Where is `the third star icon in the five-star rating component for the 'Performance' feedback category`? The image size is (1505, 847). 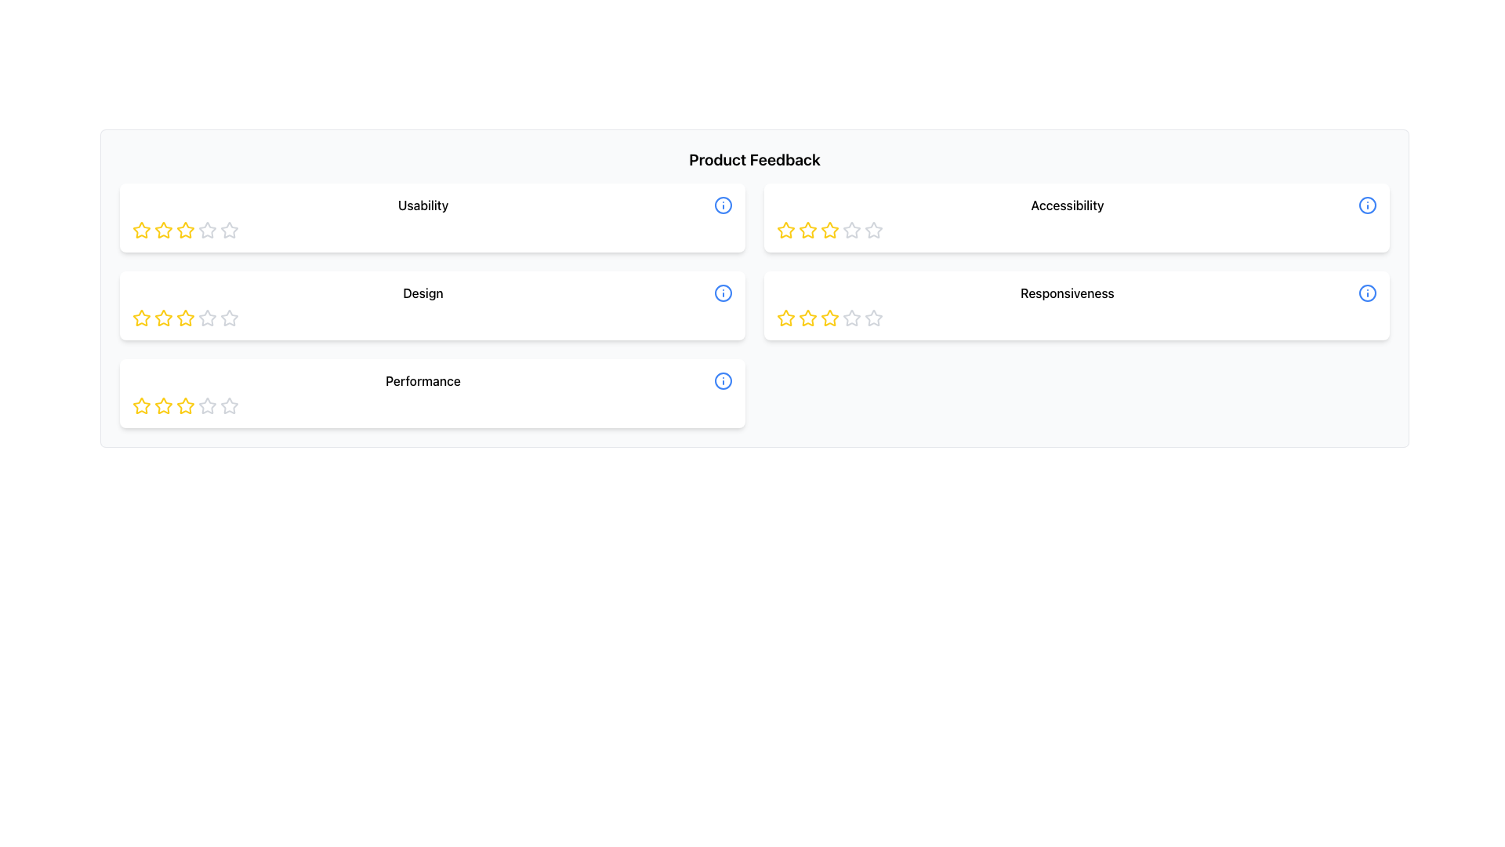 the third star icon in the five-star rating component for the 'Performance' feedback category is located at coordinates (206, 405).